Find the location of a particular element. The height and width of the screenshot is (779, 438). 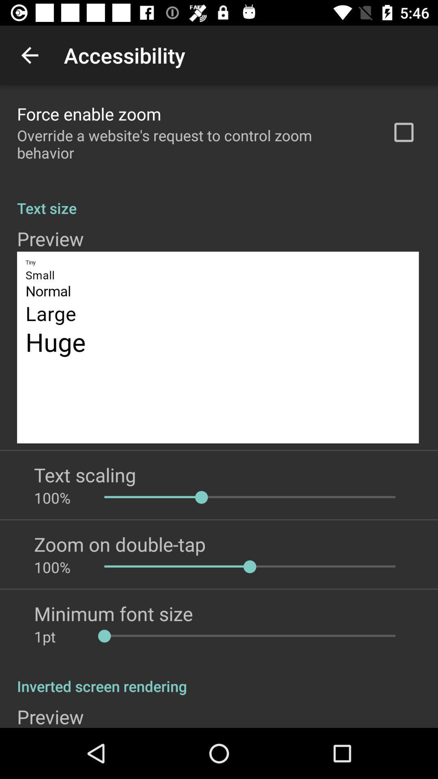

icon above the preview icon is located at coordinates (219, 199).